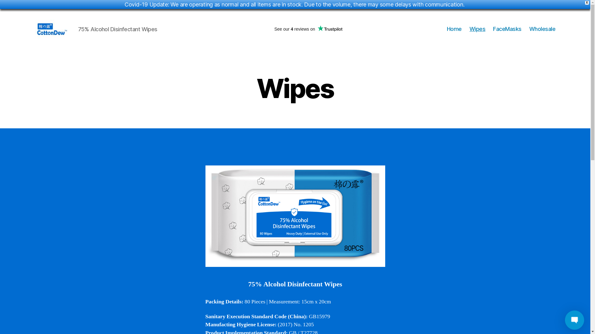 Image resolution: width=595 pixels, height=334 pixels. What do you see at coordinates (308, 29) in the screenshot?
I see `'Customer reviews powered by Trustpilot'` at bounding box center [308, 29].